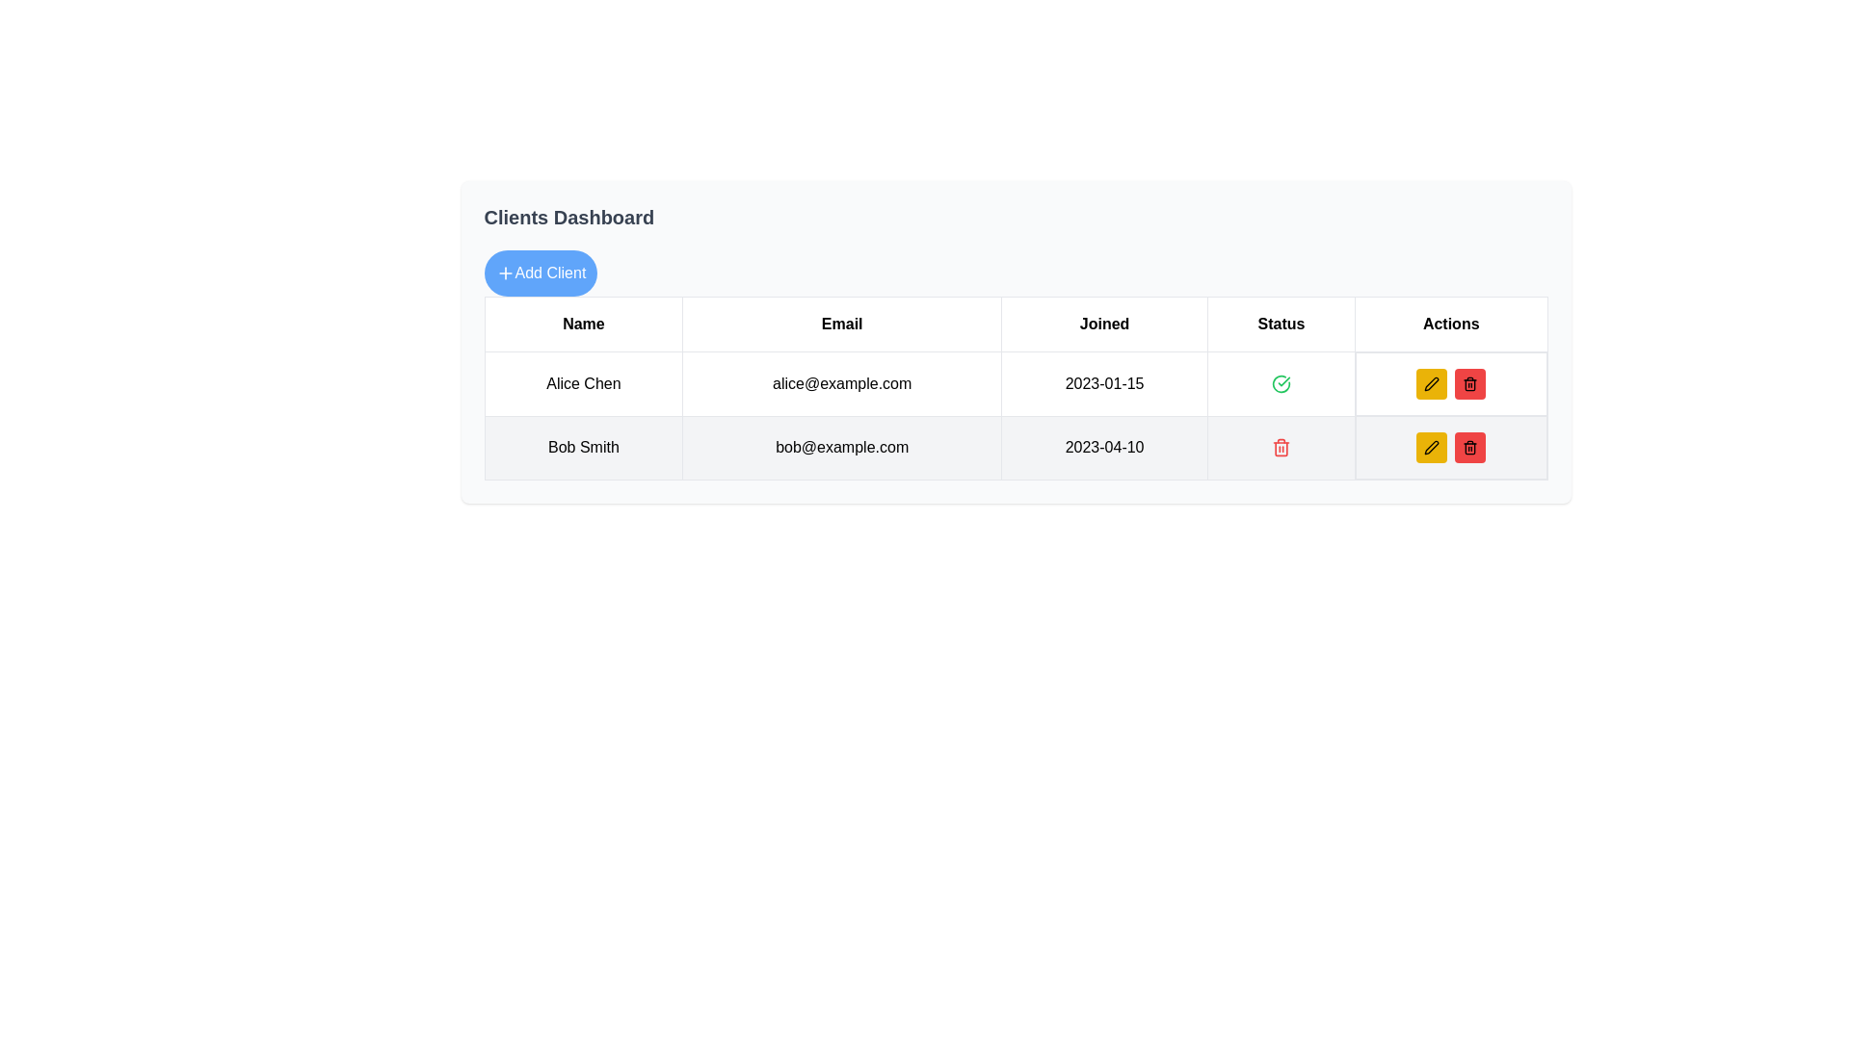 The width and height of the screenshot is (1850, 1040). I want to click on the delete button in the Actions column of the second row of the table, so click(1469, 448).